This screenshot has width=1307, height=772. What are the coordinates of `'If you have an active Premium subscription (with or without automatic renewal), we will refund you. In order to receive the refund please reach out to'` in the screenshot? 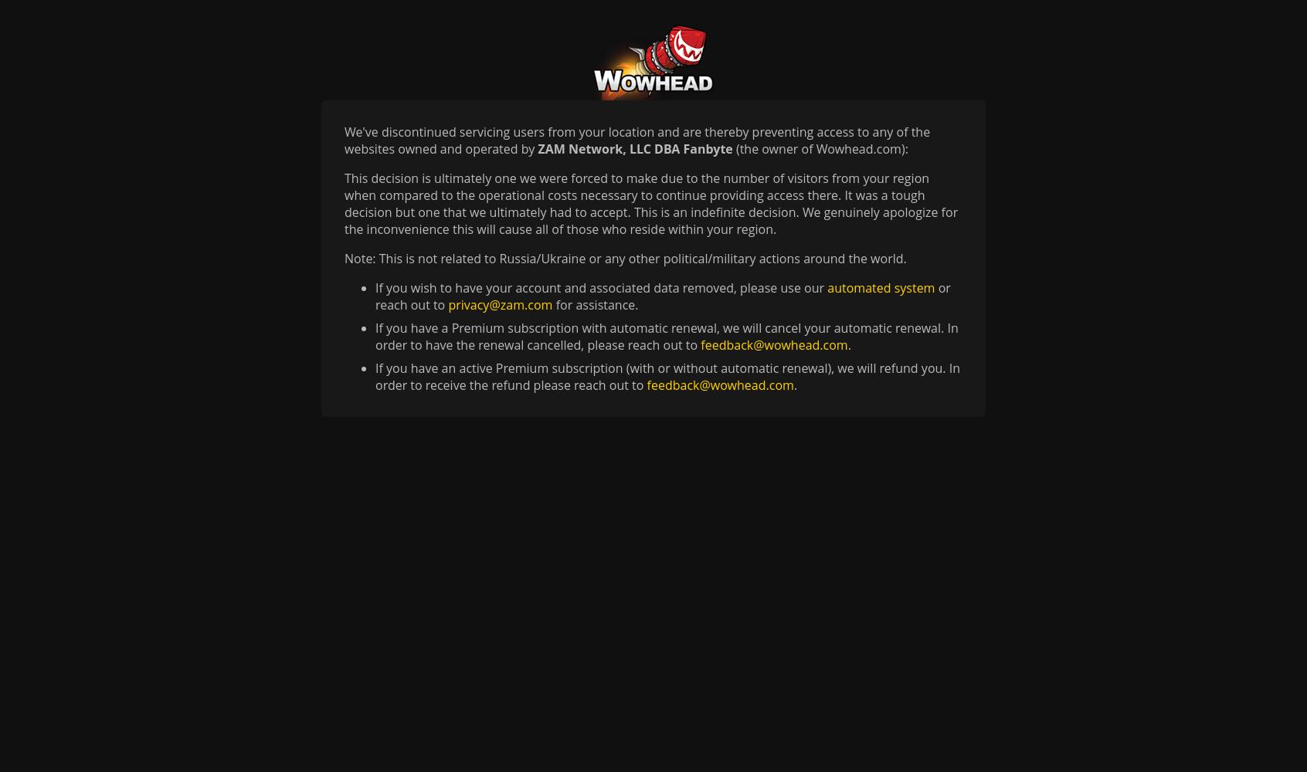 It's located at (667, 376).